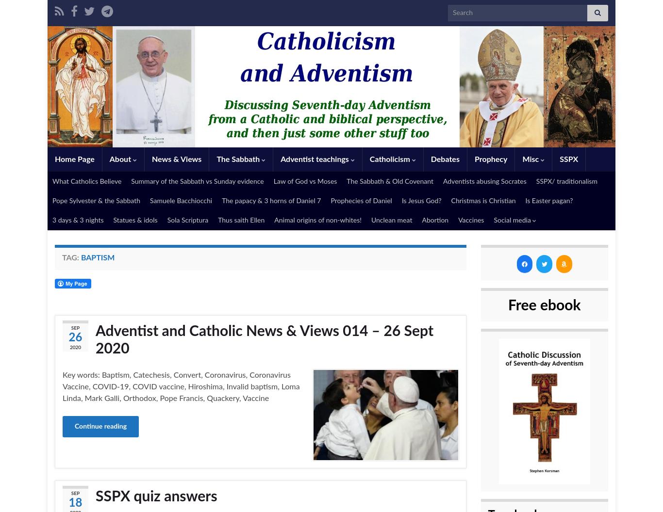 The image size is (663, 512). I want to click on 'Is Easter pagan?', so click(548, 201).